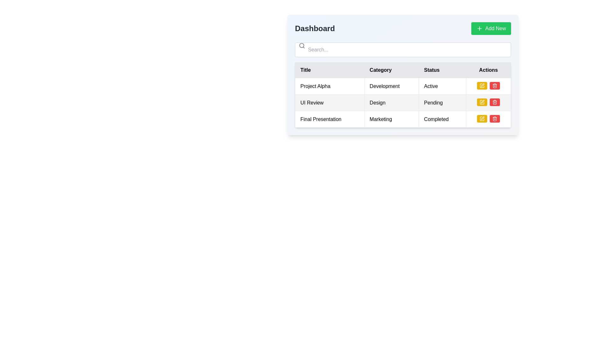 This screenshot has height=343, width=611. What do you see at coordinates (482, 102) in the screenshot?
I see `the edit button located in the first position of the 'Actions' column in the second row of the table` at bounding box center [482, 102].